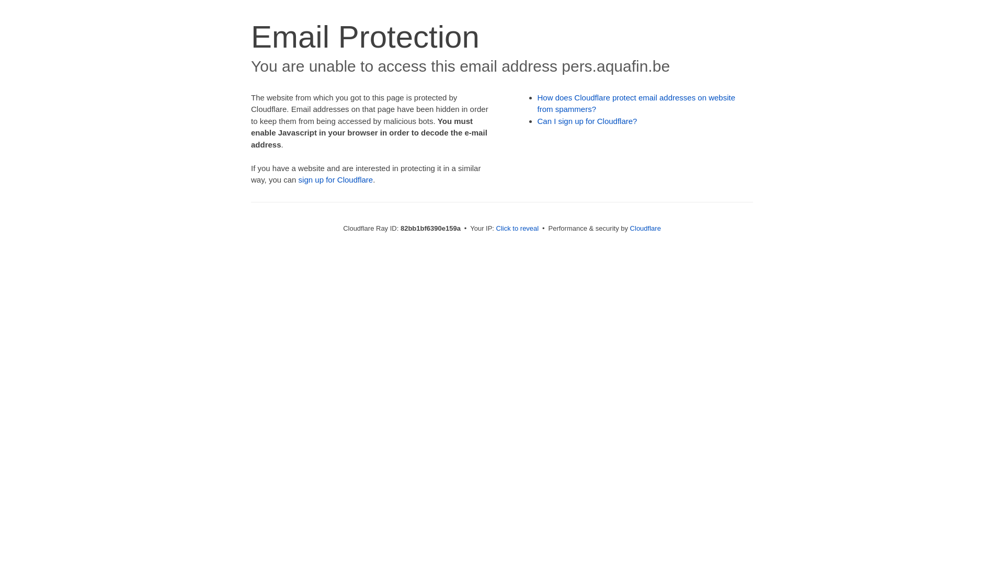 The image size is (1004, 565). What do you see at coordinates (517, 228) in the screenshot?
I see `'Click to reveal'` at bounding box center [517, 228].